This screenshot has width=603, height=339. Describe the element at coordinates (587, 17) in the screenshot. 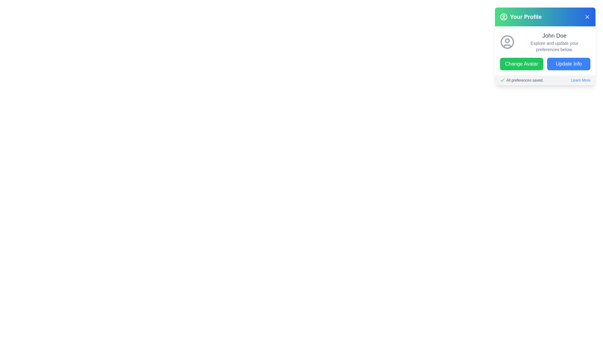

I see `the SVG close icon in the top-right corner of the profile card` at that location.